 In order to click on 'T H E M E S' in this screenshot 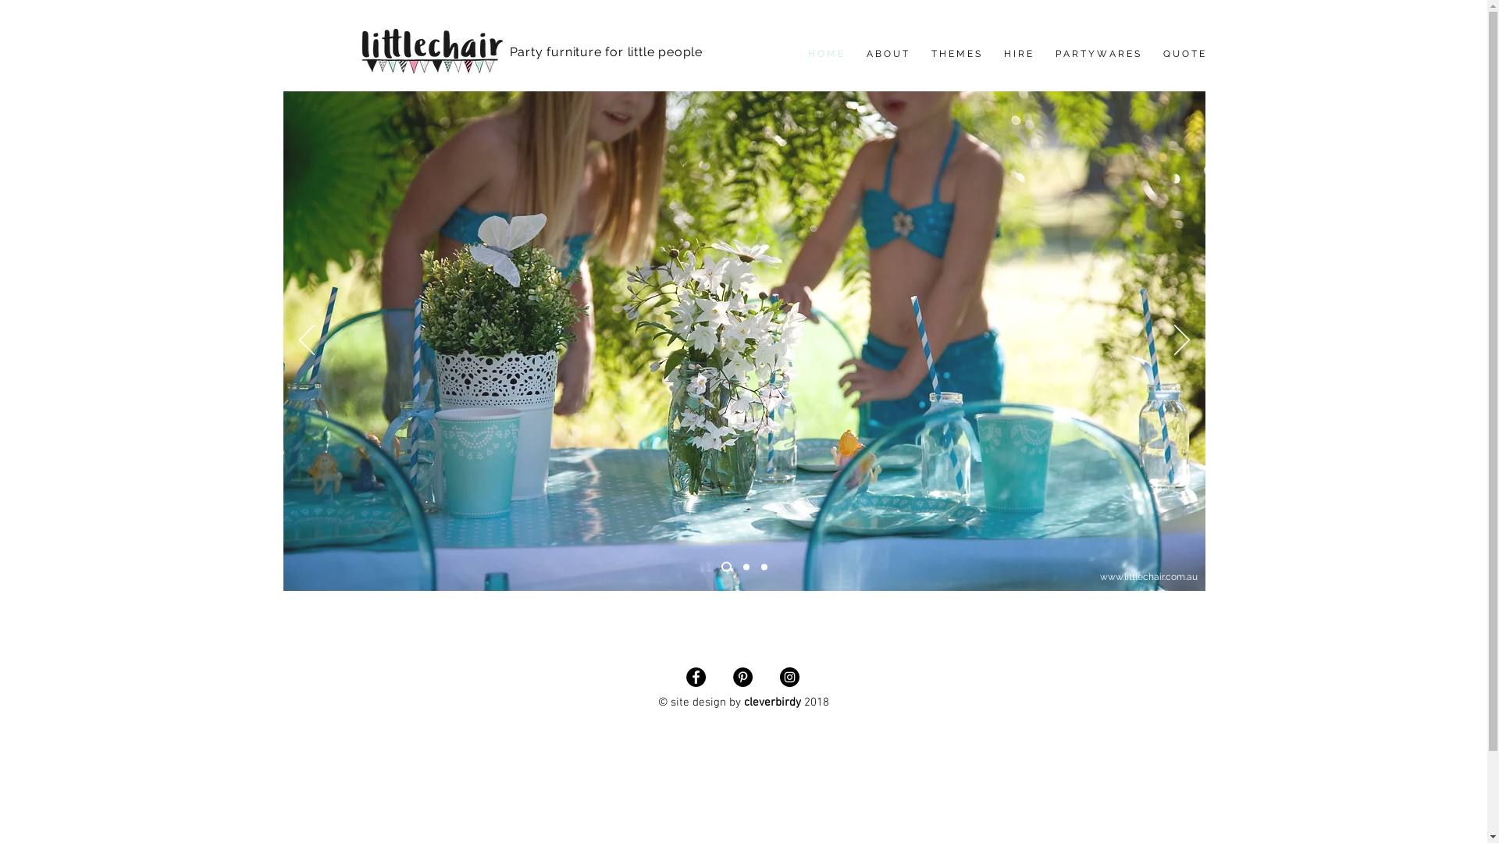, I will do `click(955, 53)`.